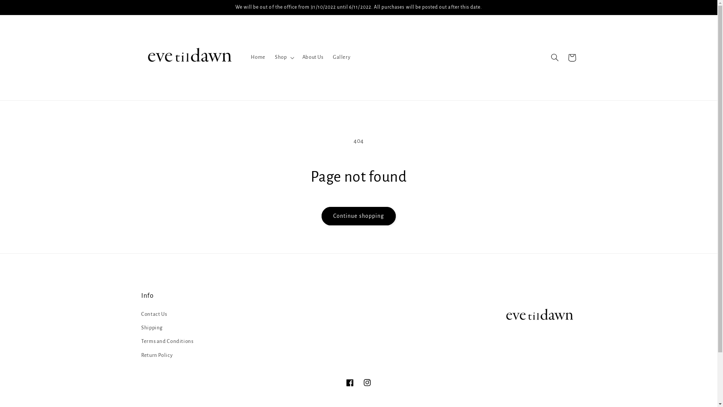  Describe the element at coordinates (246, 57) in the screenshot. I see `'Home'` at that location.